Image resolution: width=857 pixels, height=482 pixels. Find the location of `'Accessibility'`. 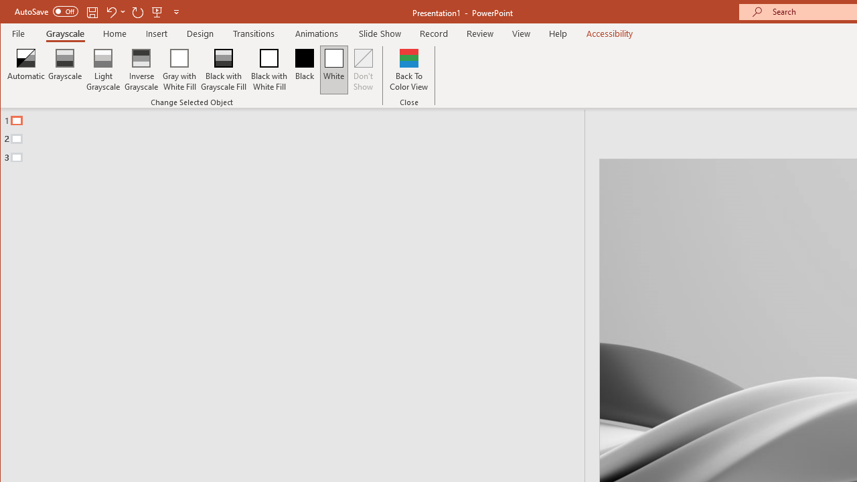

'Accessibility' is located at coordinates (609, 33).